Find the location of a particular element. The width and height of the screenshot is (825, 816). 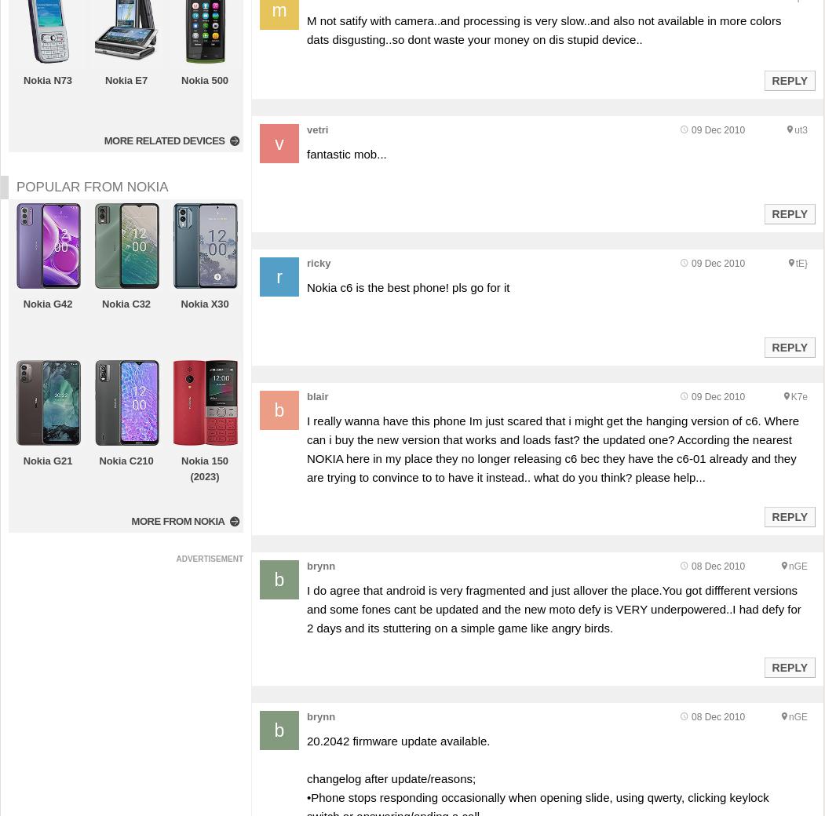

'Nokia C32' is located at coordinates (125, 303).